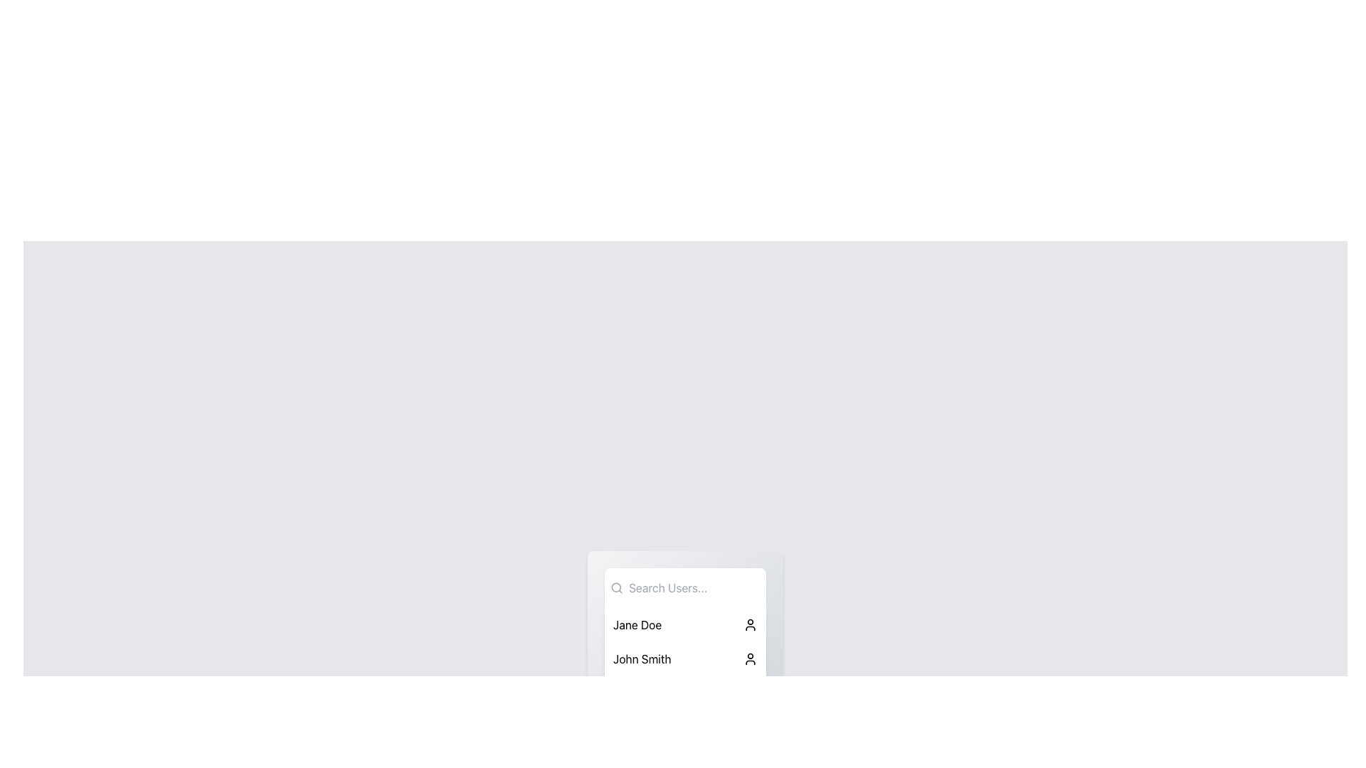  Describe the element at coordinates (685, 658) in the screenshot. I see `the List Item labeled 'John Smith' in the dropdown` at that location.